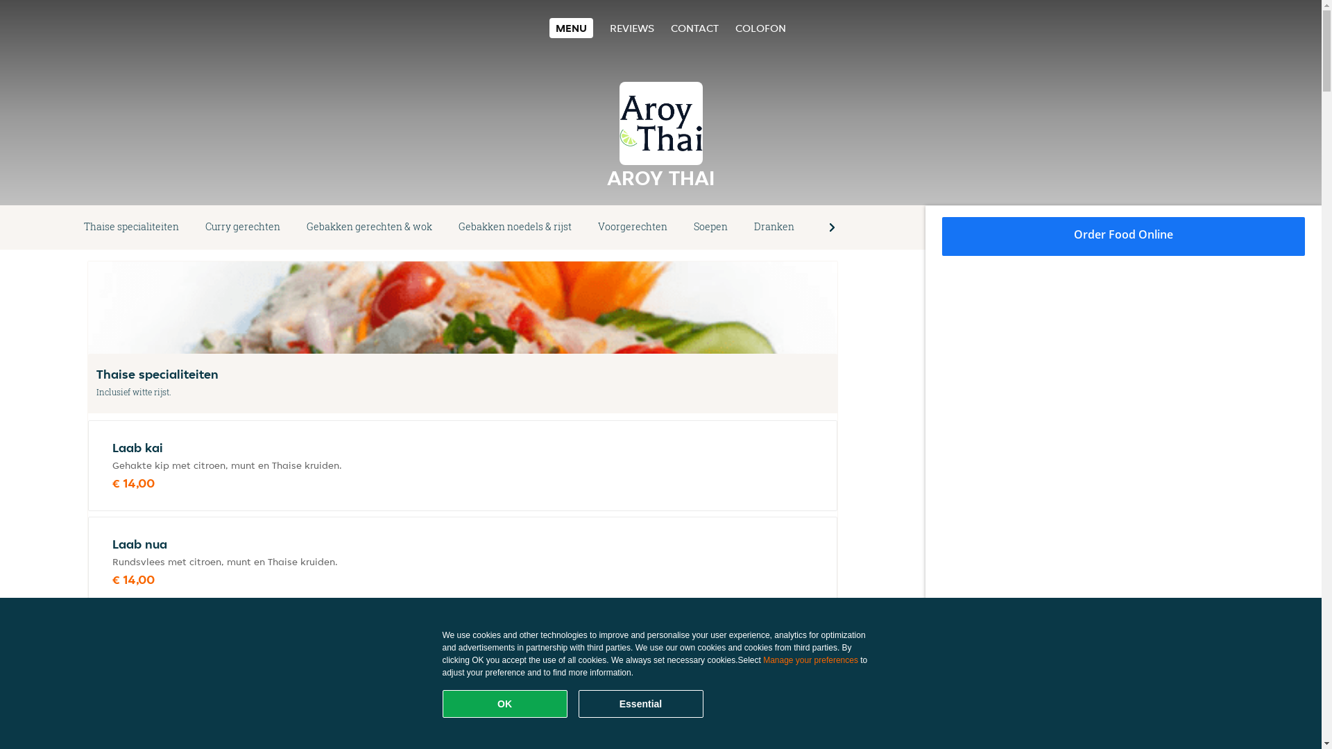 The width and height of the screenshot is (1332, 749). I want to click on 'Gebakken noedels & rijst', so click(514, 226).